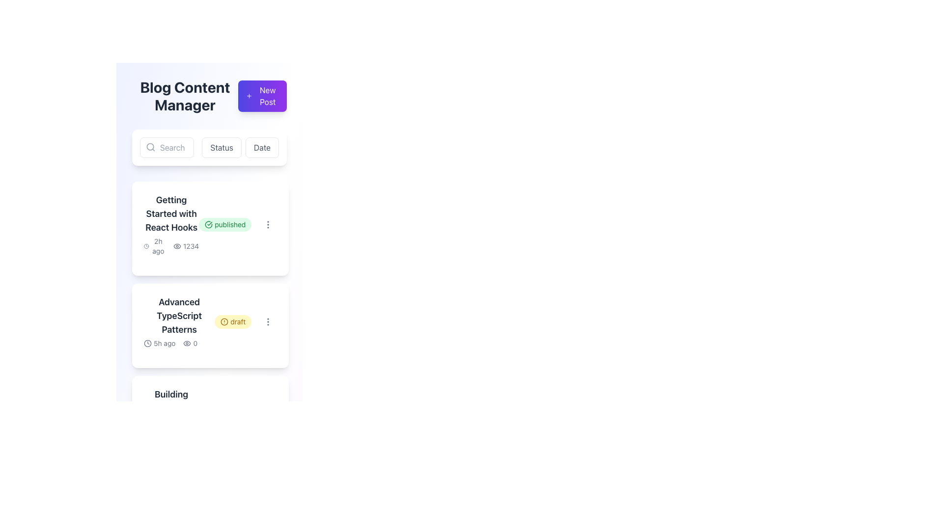 The width and height of the screenshot is (943, 530). I want to click on the central part of the clock icon, which is a vector graphic circle representing time-related information, located to the left of the publication time label in the blog content list cards, so click(147, 343).